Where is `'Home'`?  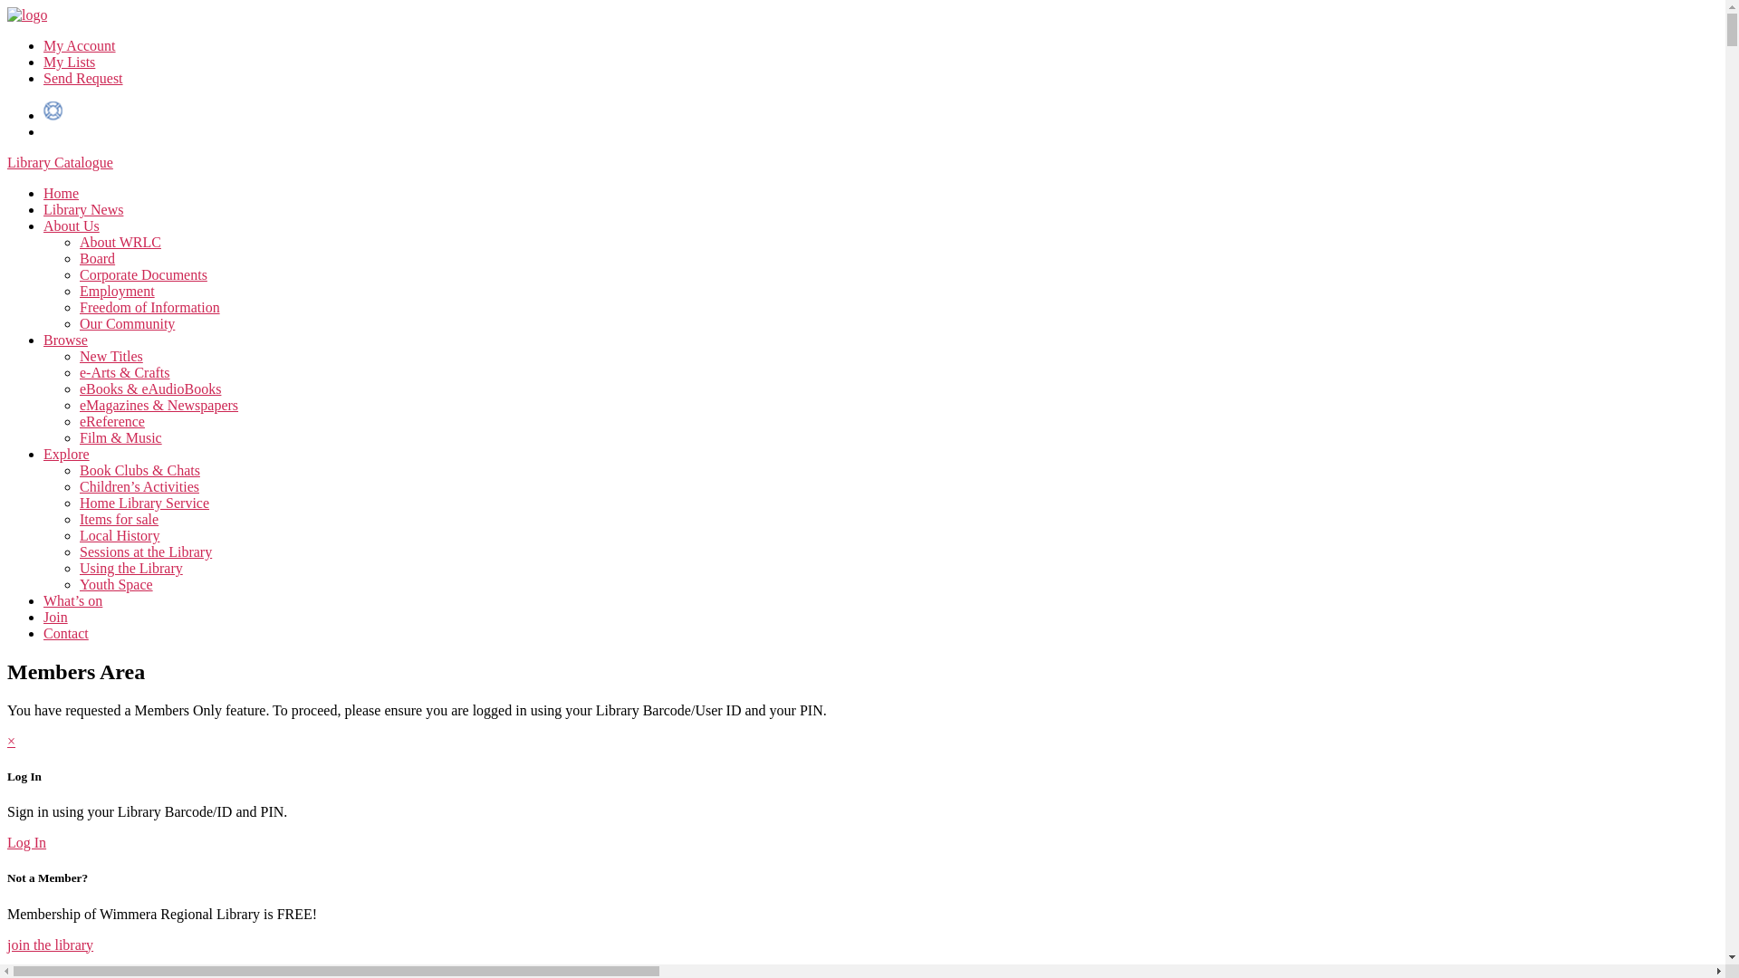
'Home' is located at coordinates (61, 193).